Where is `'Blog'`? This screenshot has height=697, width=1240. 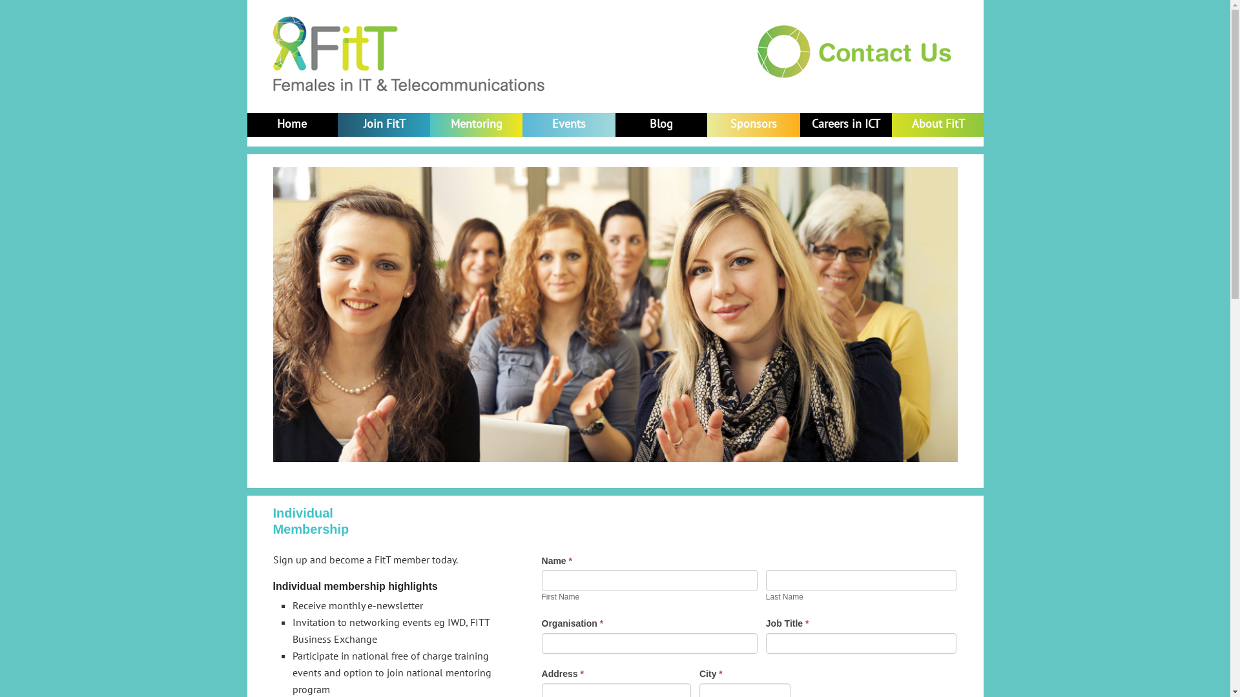 'Blog' is located at coordinates (661, 124).